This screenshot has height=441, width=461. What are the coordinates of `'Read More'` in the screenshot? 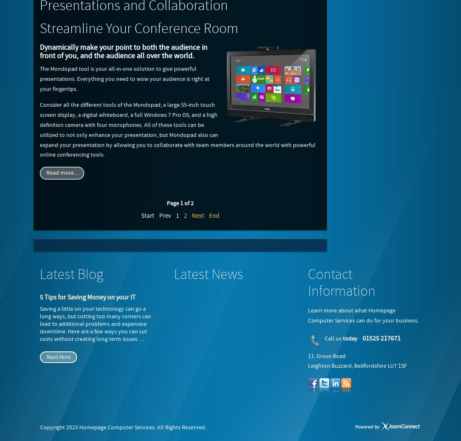 It's located at (58, 357).